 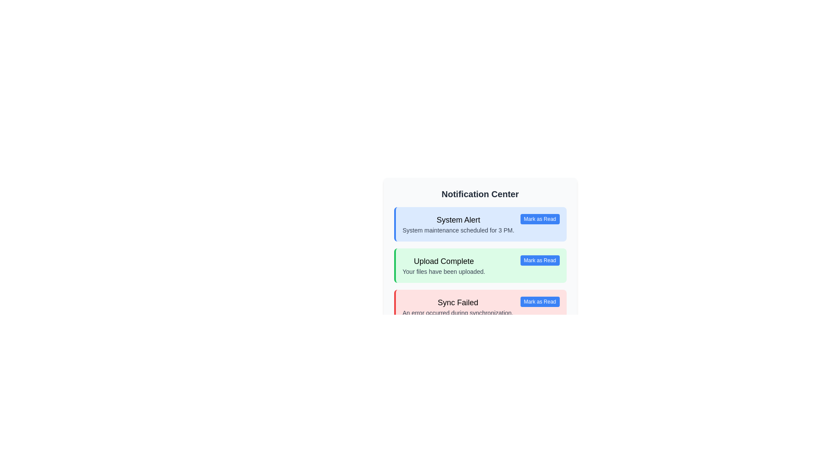 I want to click on the 'System Alert' text display in the Notification Center, which shows a maintenance message, so click(x=458, y=223).